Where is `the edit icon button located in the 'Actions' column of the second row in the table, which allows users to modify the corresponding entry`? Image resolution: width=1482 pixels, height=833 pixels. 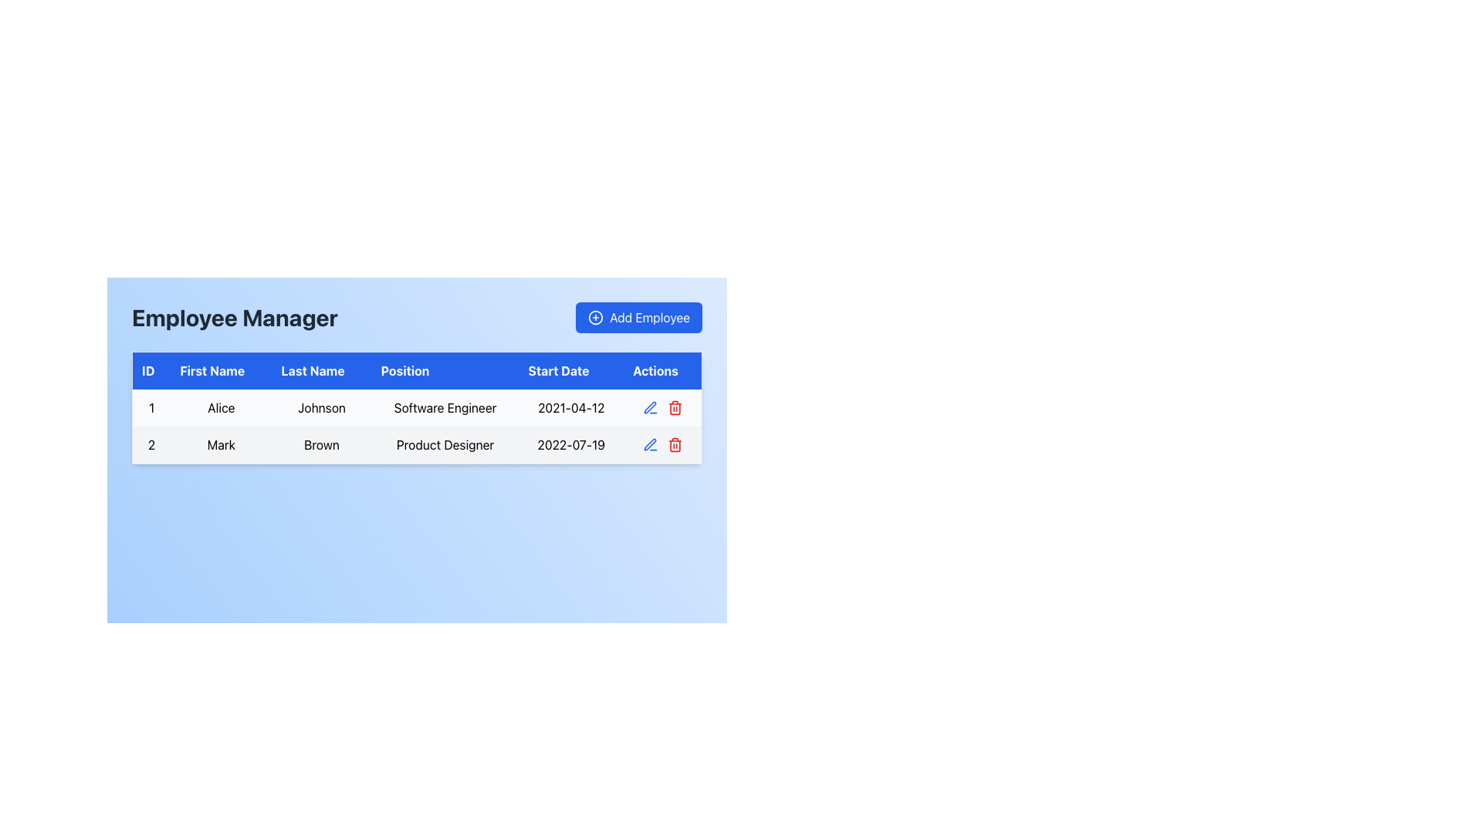 the edit icon button located in the 'Actions' column of the second row in the table, which allows users to modify the corresponding entry is located at coordinates (650, 444).